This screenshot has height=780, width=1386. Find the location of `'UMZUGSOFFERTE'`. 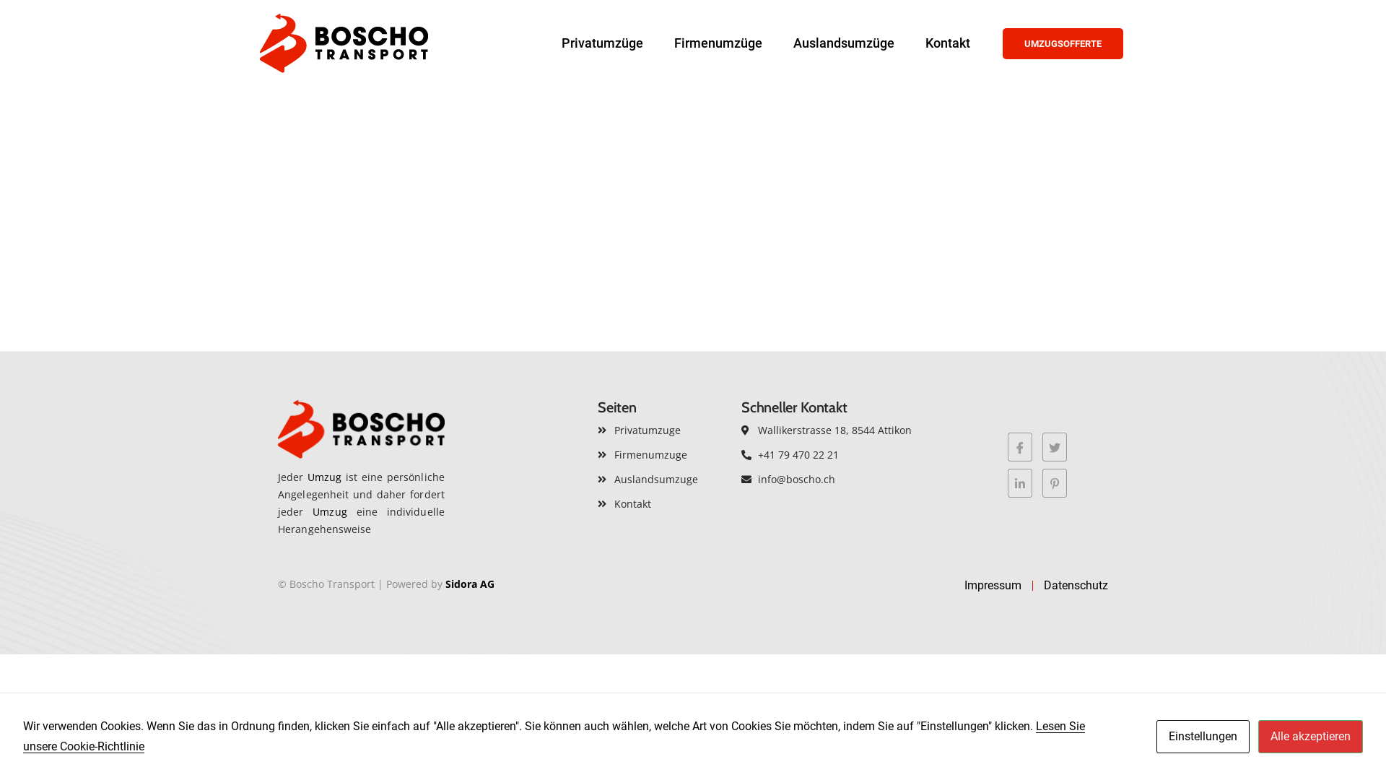

'UMZUGSOFFERTE' is located at coordinates (1063, 42).